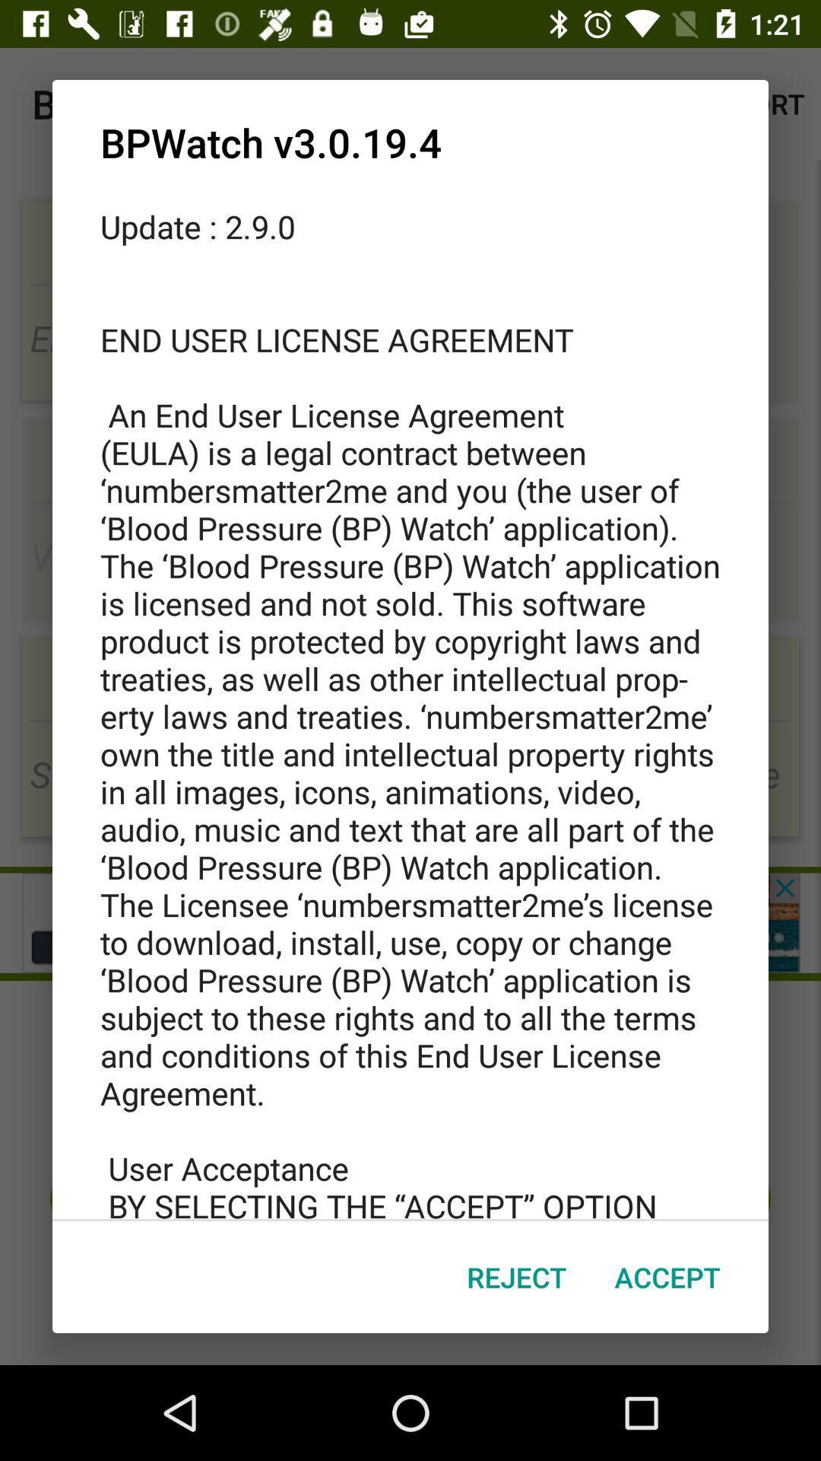  What do you see at coordinates (667, 1277) in the screenshot?
I see `the accept item` at bounding box center [667, 1277].